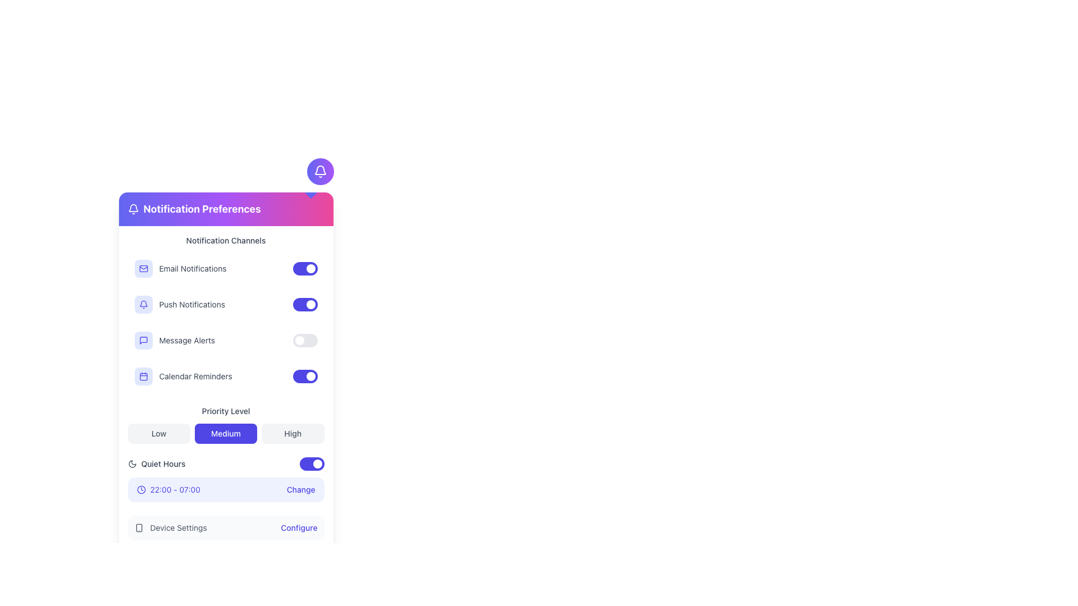 The image size is (1078, 606). What do you see at coordinates (305, 268) in the screenshot?
I see `the toggle switch located at the rightmost position of the 'Email Notifications' item row in the 'Notification Channels' section to switch its state` at bounding box center [305, 268].